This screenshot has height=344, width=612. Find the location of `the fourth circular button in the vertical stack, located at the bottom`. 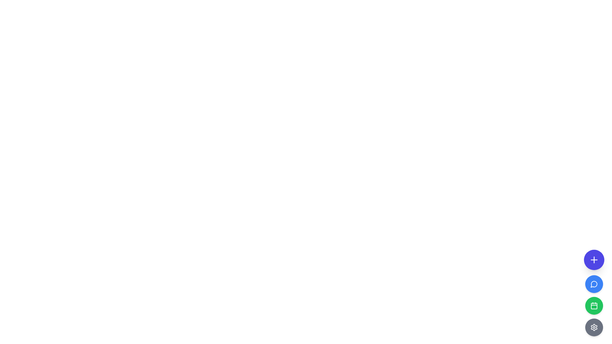

the fourth circular button in the vertical stack, located at the bottom is located at coordinates (594, 327).